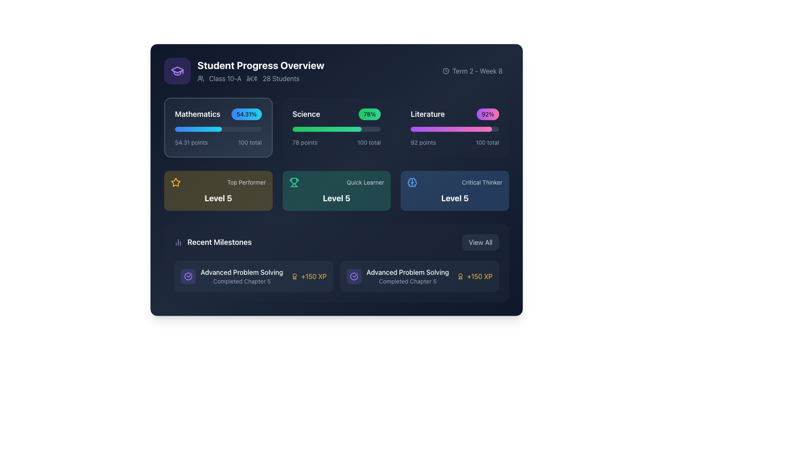 Image resolution: width=798 pixels, height=449 pixels. Describe the element at coordinates (337, 128) in the screenshot. I see `the Grid of subject progress cards to get more information about student progress in each subject` at that location.